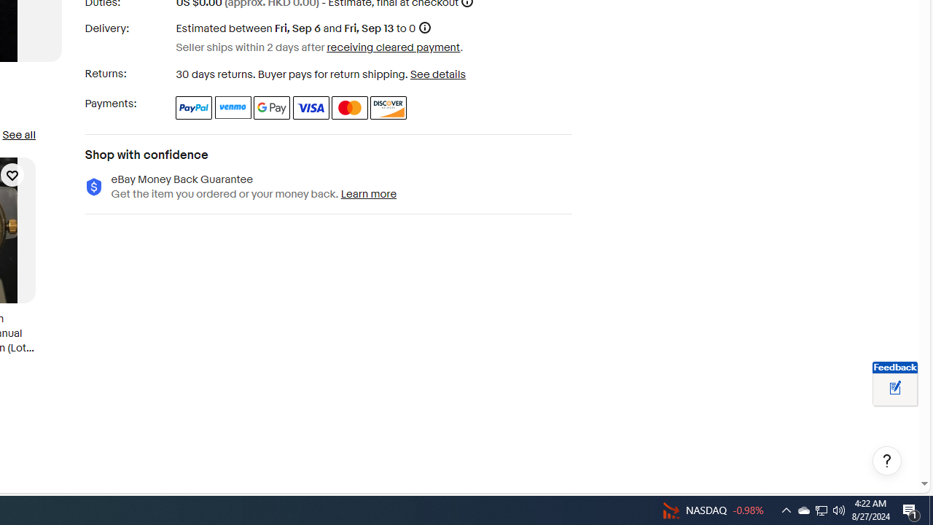 The height and width of the screenshot is (525, 933). I want to click on 'PayPal', so click(193, 106).